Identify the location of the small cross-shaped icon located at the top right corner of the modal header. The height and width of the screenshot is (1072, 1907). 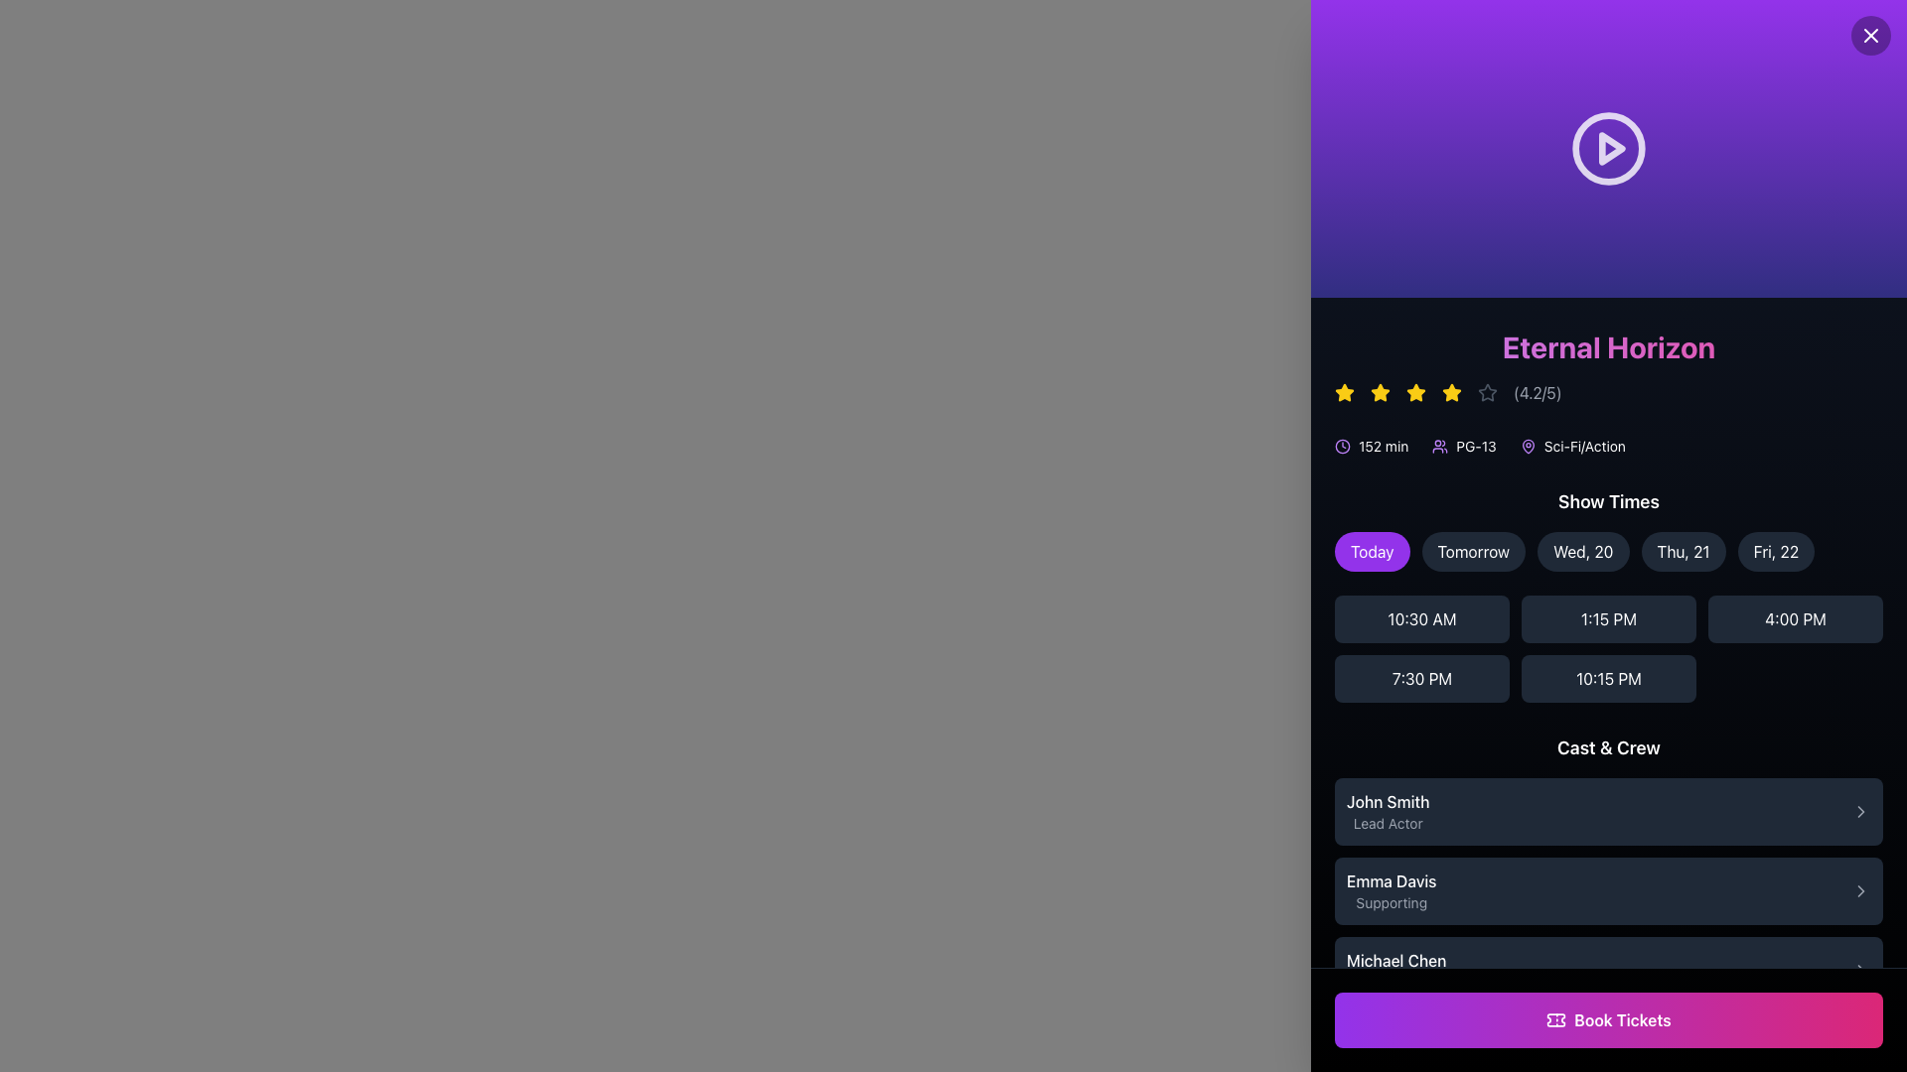
(1869, 35).